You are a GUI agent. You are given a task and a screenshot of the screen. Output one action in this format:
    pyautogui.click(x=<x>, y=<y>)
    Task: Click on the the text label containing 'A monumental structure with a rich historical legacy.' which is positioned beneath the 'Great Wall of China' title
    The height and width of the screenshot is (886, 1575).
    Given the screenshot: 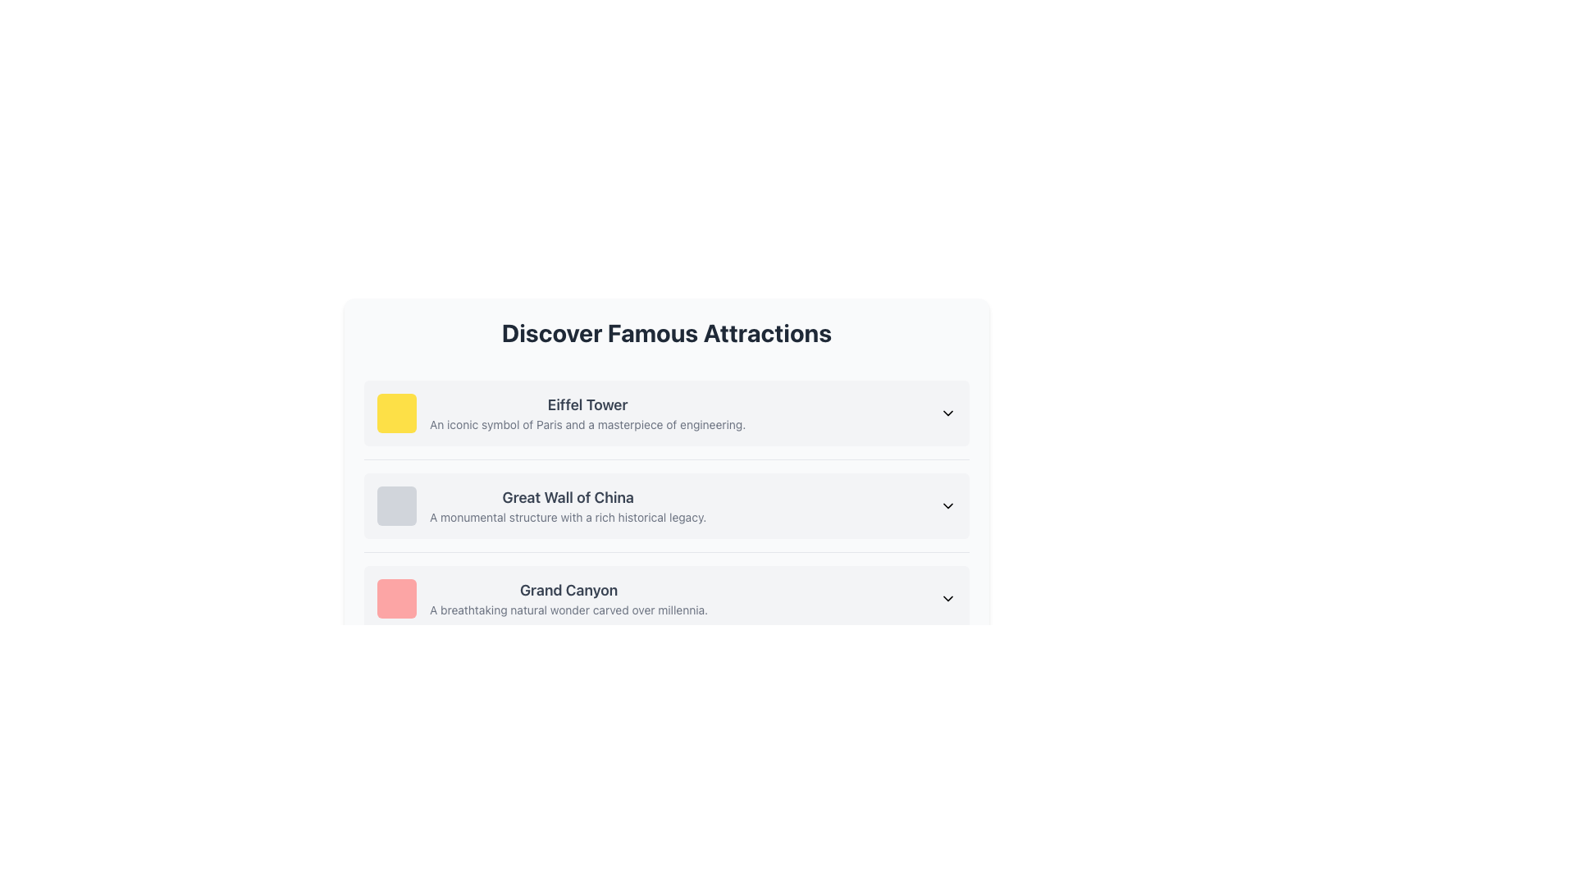 What is the action you would take?
    pyautogui.click(x=568, y=518)
    